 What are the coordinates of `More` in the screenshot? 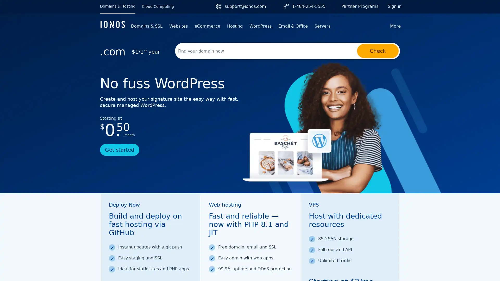 It's located at (395, 26).